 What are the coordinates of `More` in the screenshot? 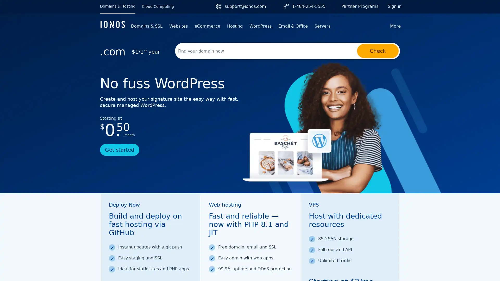 It's located at (395, 26).